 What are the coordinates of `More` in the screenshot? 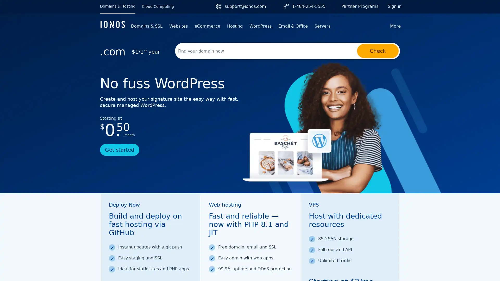 It's located at (395, 26).